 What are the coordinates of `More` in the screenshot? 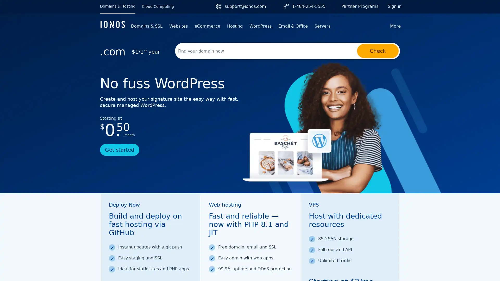 It's located at (395, 26).